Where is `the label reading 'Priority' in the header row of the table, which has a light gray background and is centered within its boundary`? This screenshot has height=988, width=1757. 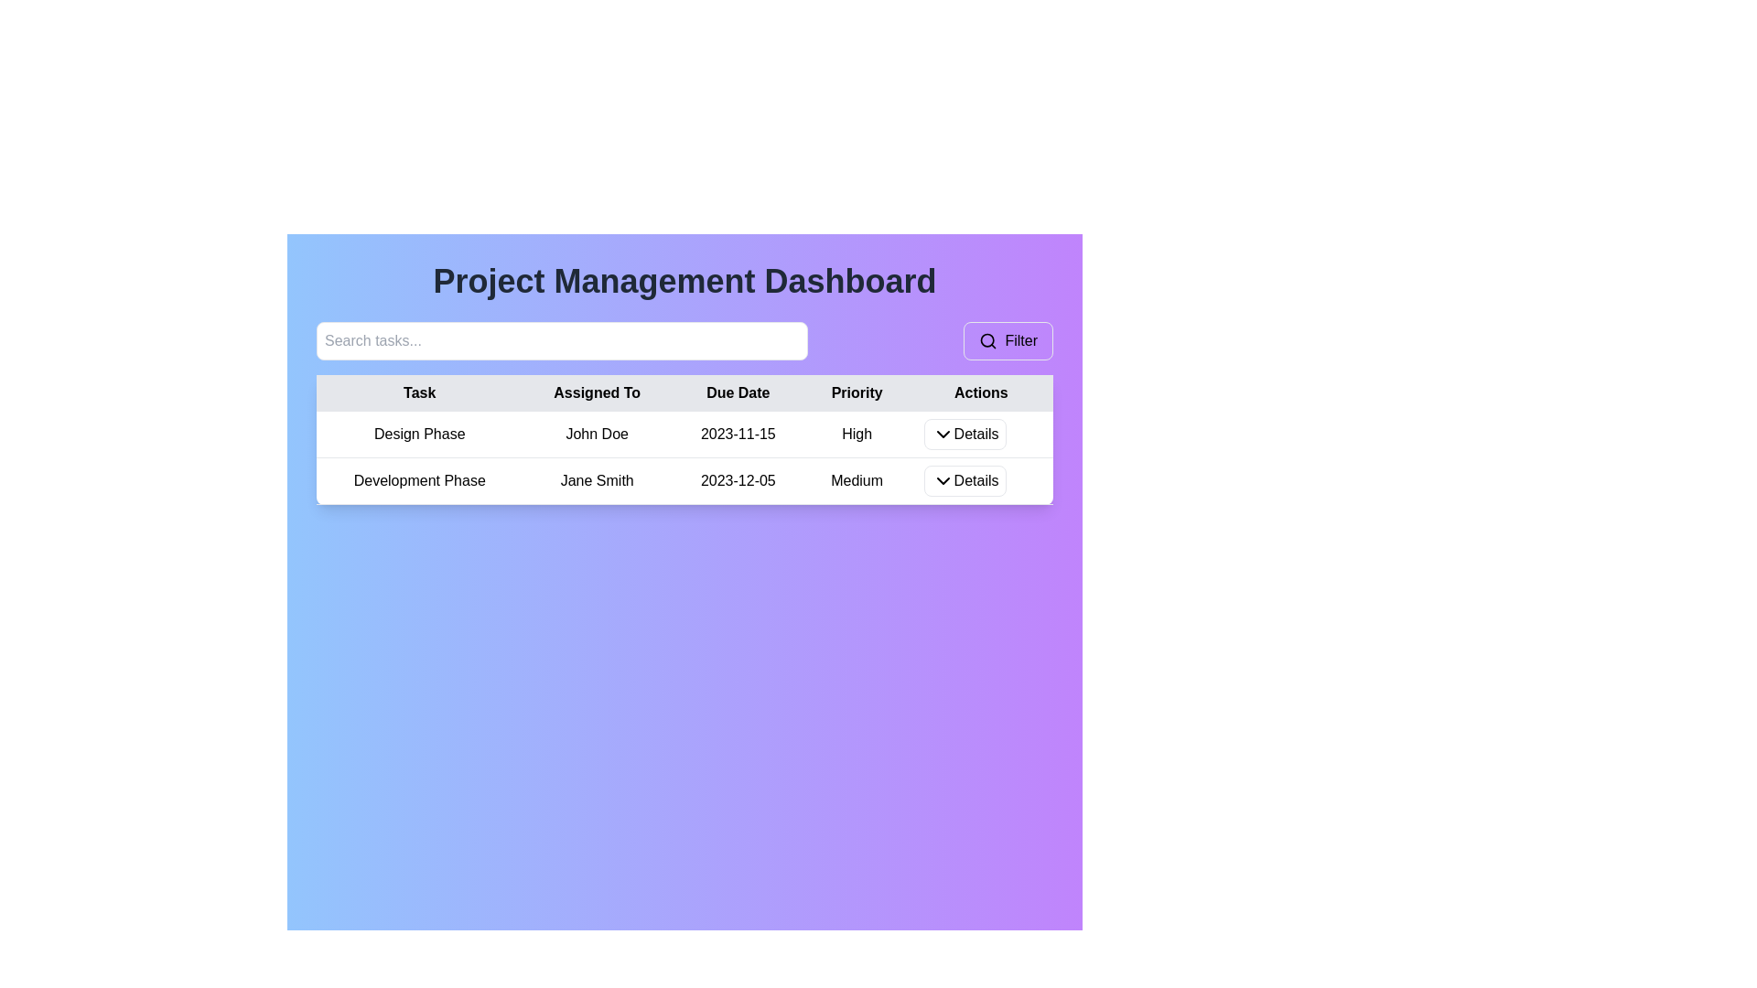 the label reading 'Priority' in the header row of the table, which has a light gray background and is centered within its boundary is located at coordinates (856, 392).